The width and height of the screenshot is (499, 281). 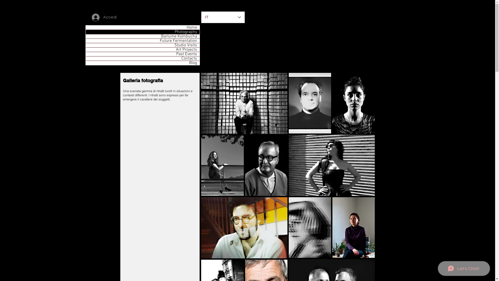 What do you see at coordinates (104, 17) in the screenshot?
I see `'Accedi'` at bounding box center [104, 17].